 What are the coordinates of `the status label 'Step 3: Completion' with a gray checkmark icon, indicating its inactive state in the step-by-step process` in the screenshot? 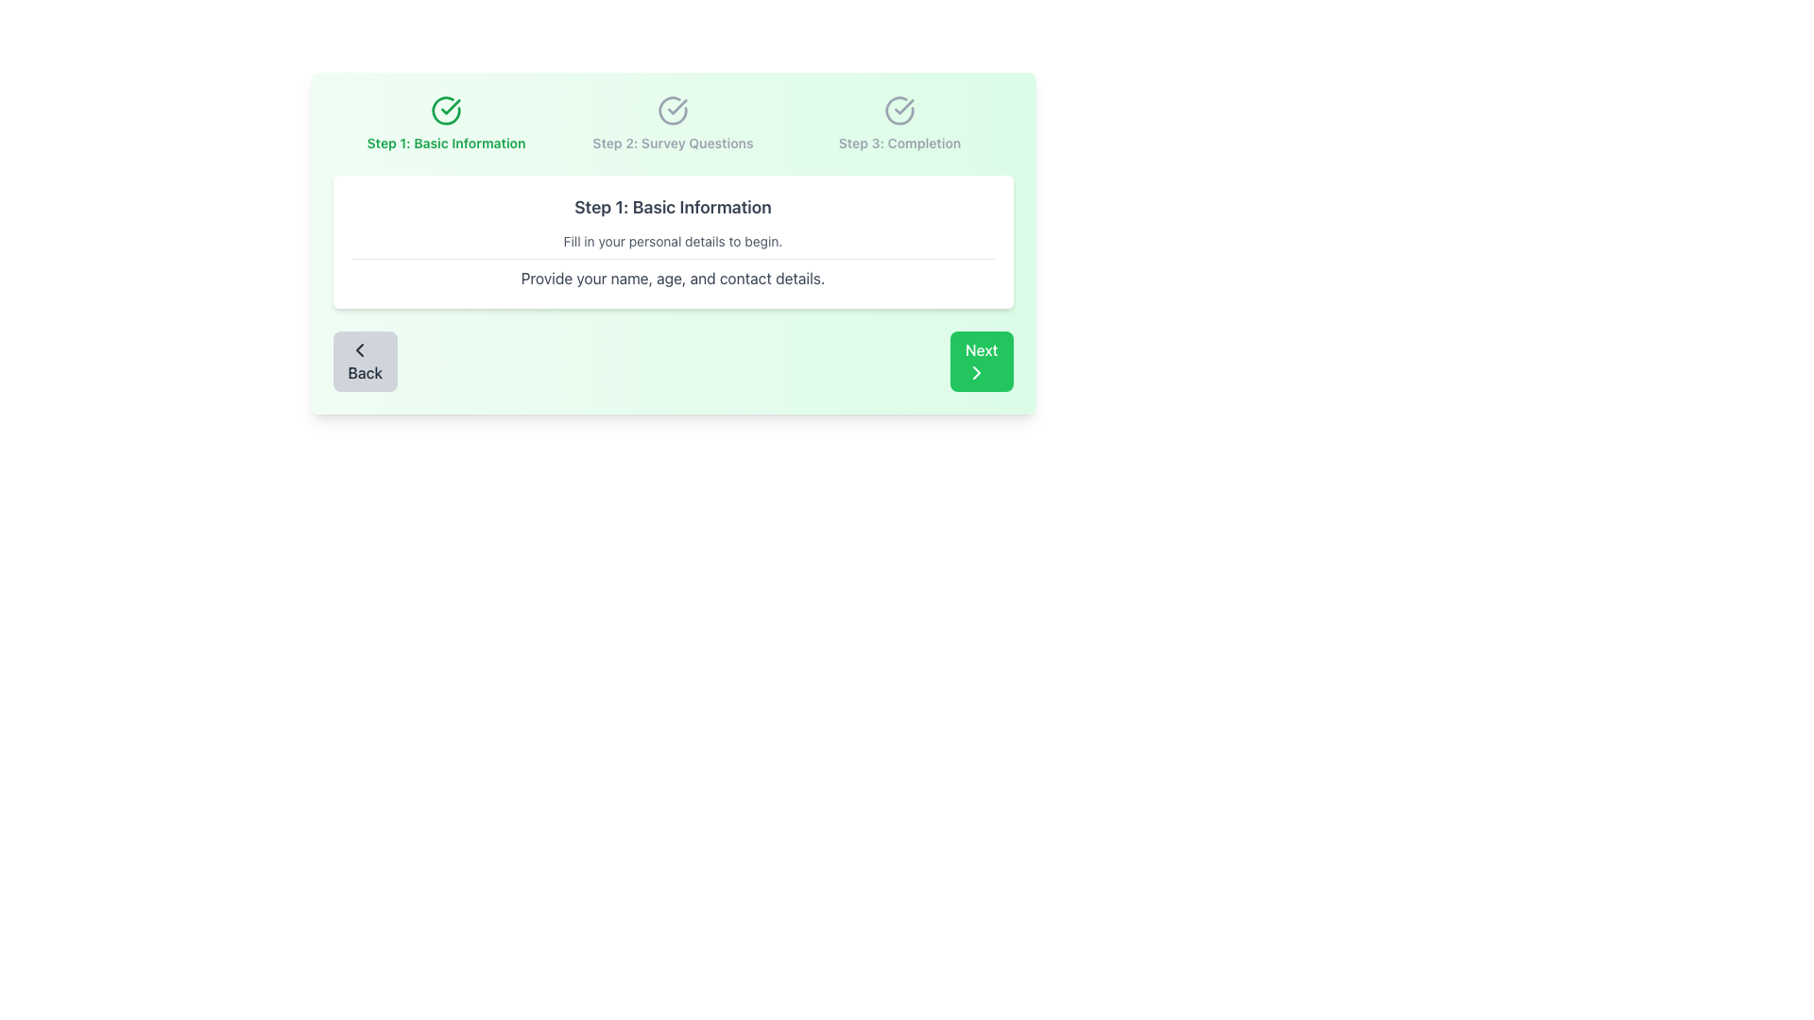 It's located at (898, 124).